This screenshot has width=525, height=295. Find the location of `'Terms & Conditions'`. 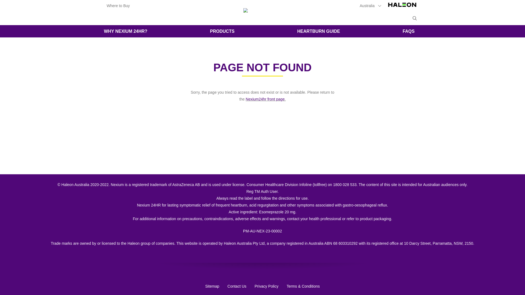

'Terms & Conditions' is located at coordinates (303, 286).